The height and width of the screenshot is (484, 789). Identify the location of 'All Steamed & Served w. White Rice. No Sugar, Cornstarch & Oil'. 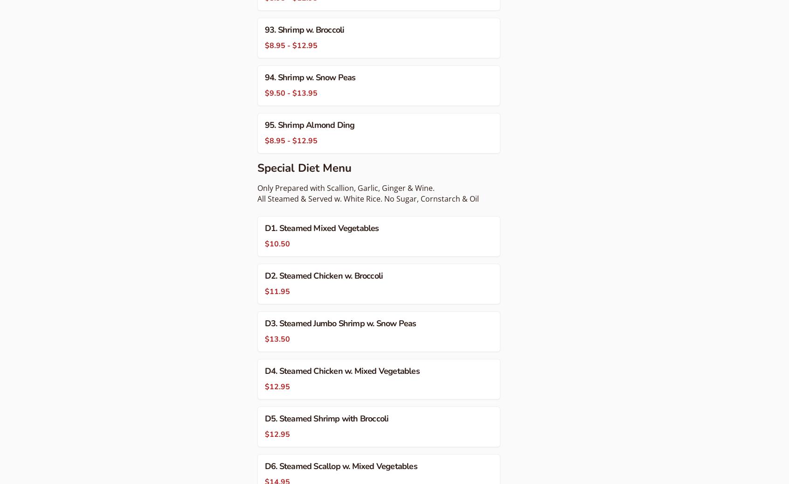
(368, 198).